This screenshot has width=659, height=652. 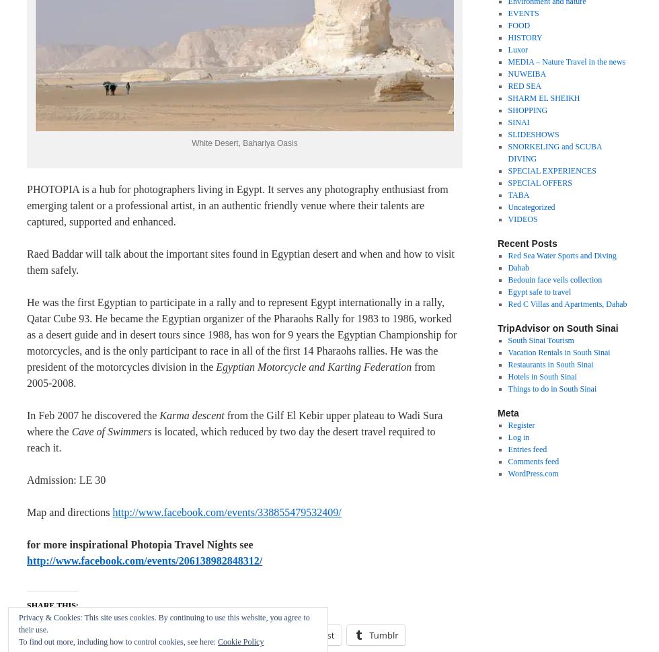 What do you see at coordinates (518, 122) in the screenshot?
I see `'SINAI'` at bounding box center [518, 122].